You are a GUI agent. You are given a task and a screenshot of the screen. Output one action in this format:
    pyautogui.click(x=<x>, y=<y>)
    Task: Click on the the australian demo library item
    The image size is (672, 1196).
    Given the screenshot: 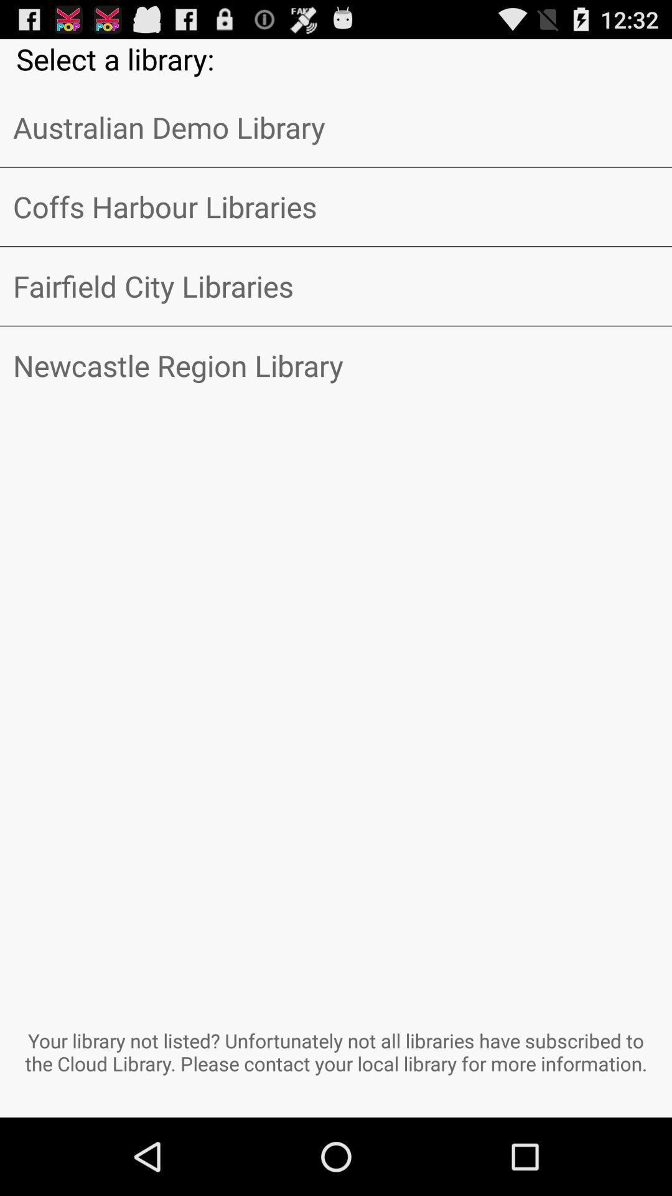 What is the action you would take?
    pyautogui.click(x=336, y=127)
    